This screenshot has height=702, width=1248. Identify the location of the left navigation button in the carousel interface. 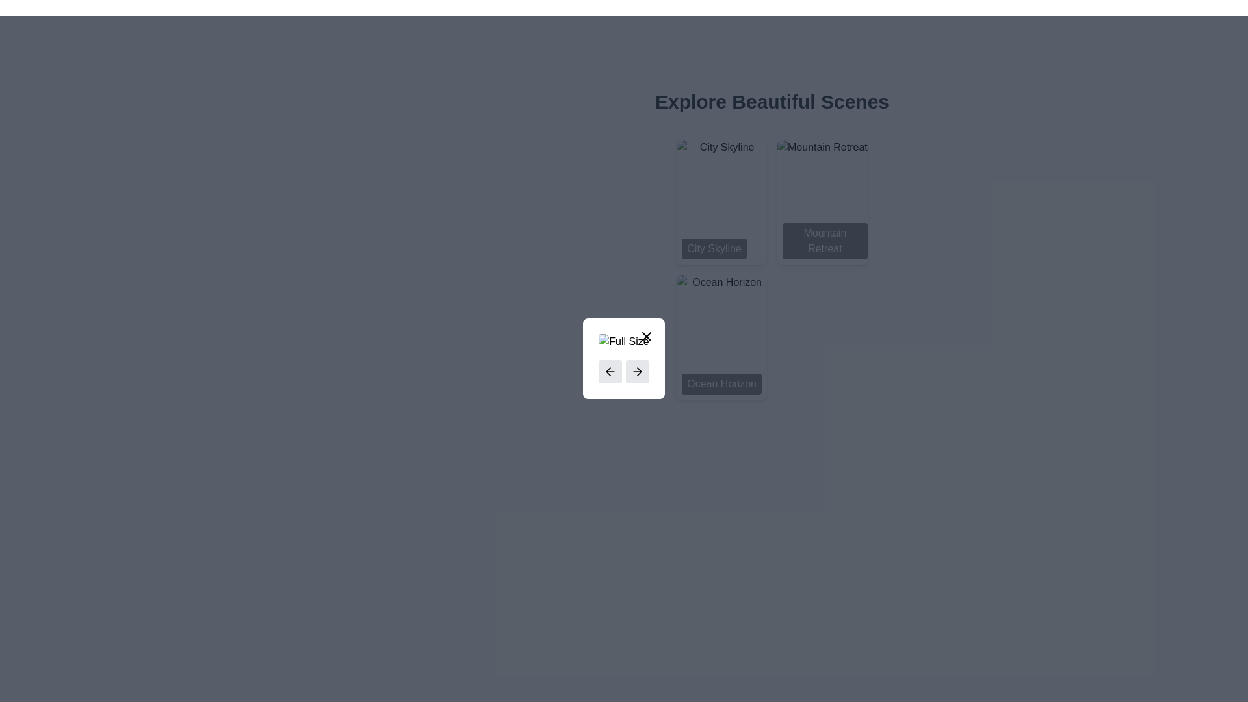
(610, 371).